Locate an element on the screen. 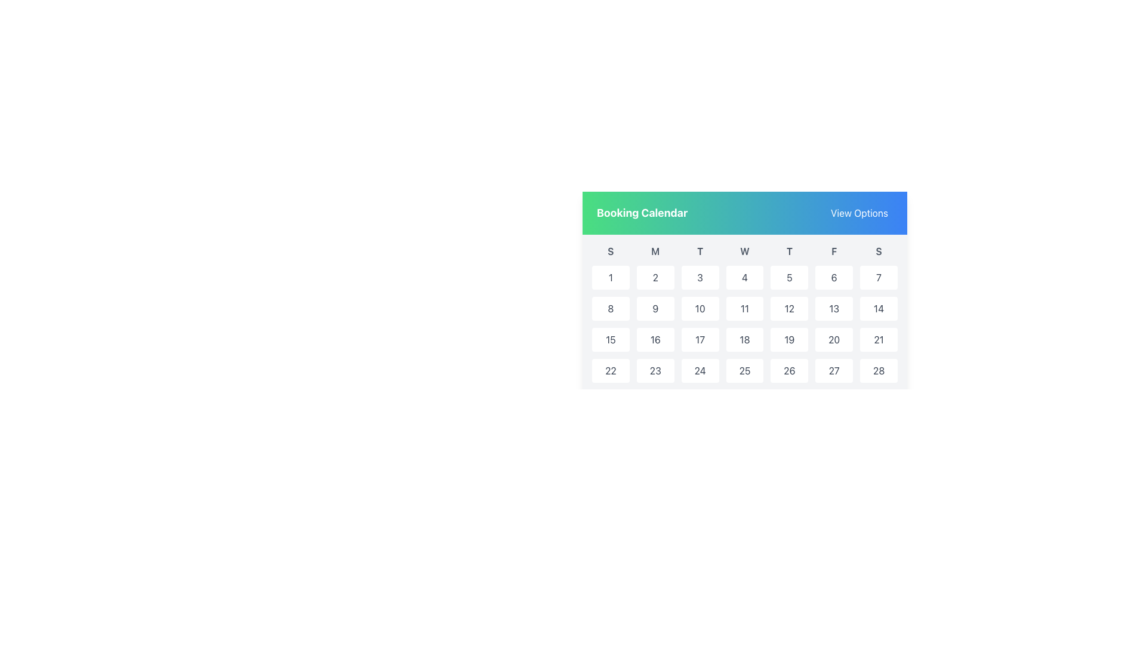  the text label indicating 'Friday' in the calendar header, which is the sixth element in the row for days of the week is located at coordinates (833, 250).